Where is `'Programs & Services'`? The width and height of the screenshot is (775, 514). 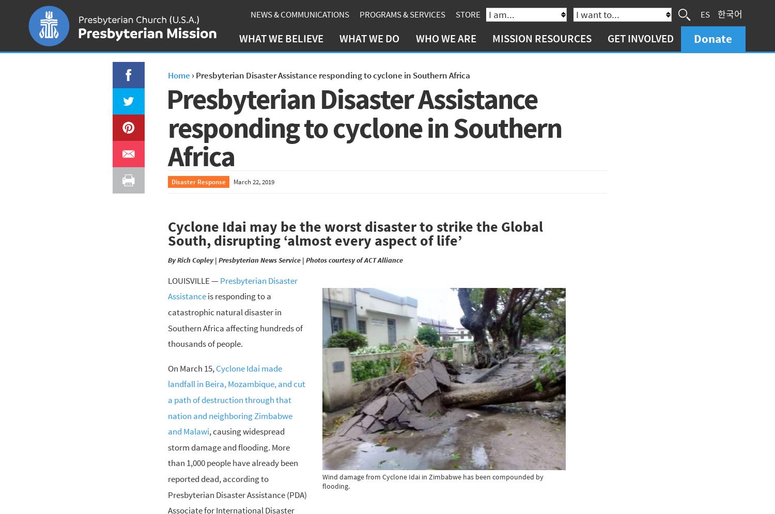
'Programs & Services' is located at coordinates (358, 13).